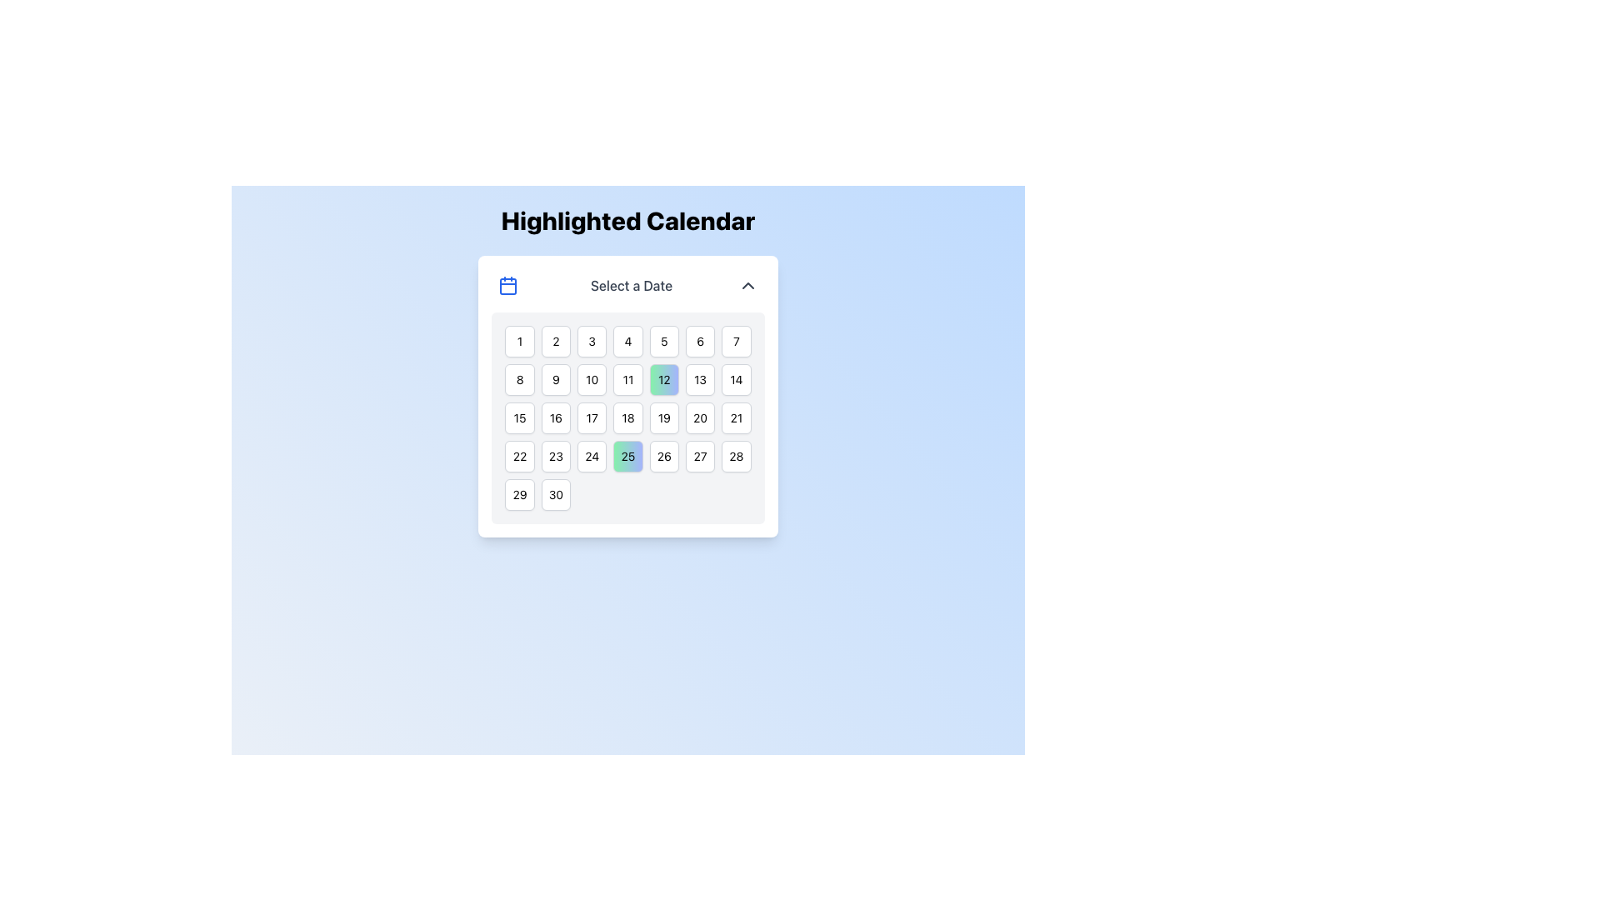 This screenshot has height=900, width=1600. Describe the element at coordinates (735, 379) in the screenshot. I see `the selectable date button for the 14th day of the current month in the calendar widget, located at the end of the second row in the seventh column of the grid layout` at that location.